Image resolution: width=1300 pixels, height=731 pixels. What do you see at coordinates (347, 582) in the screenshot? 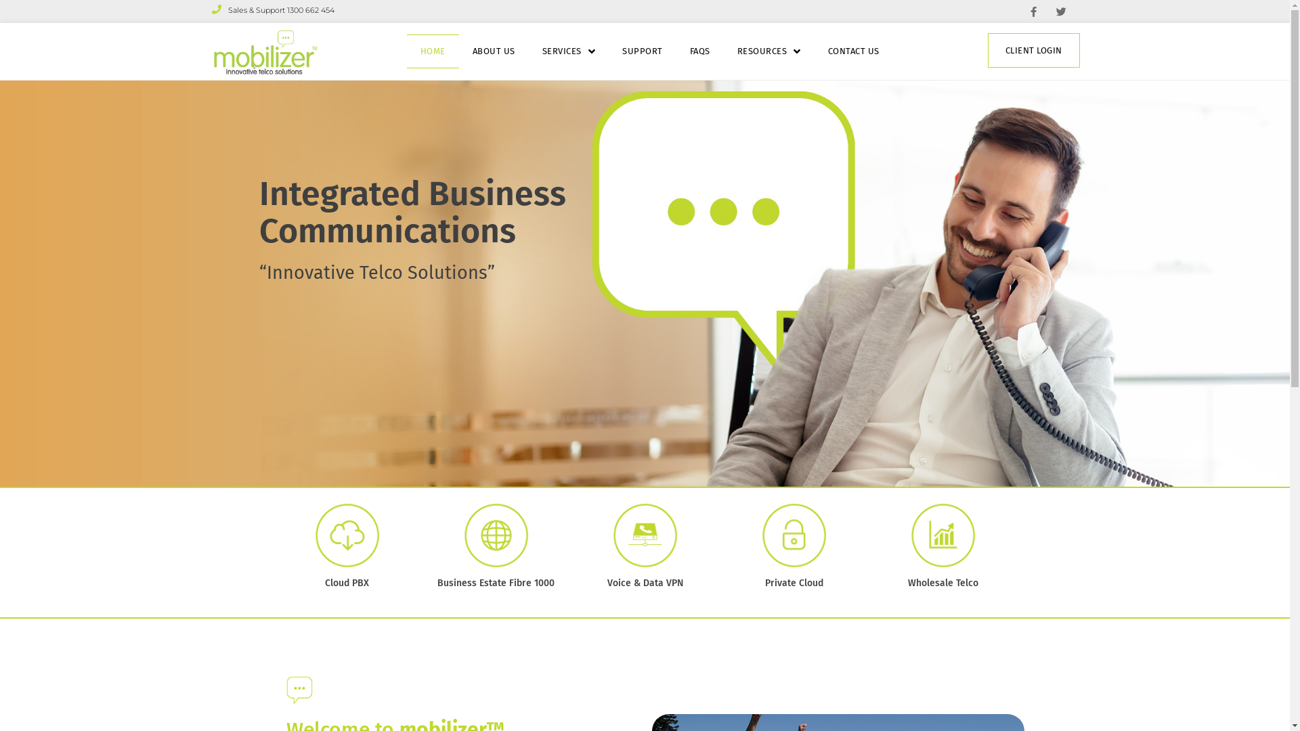
I see `'Cloud PBX'` at bounding box center [347, 582].